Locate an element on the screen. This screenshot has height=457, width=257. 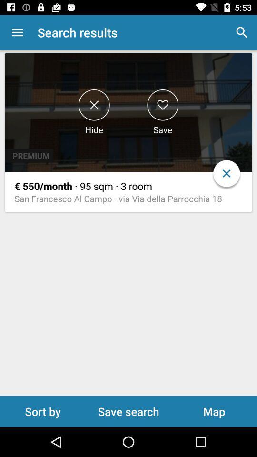
option for hide the result is located at coordinates (94, 105).